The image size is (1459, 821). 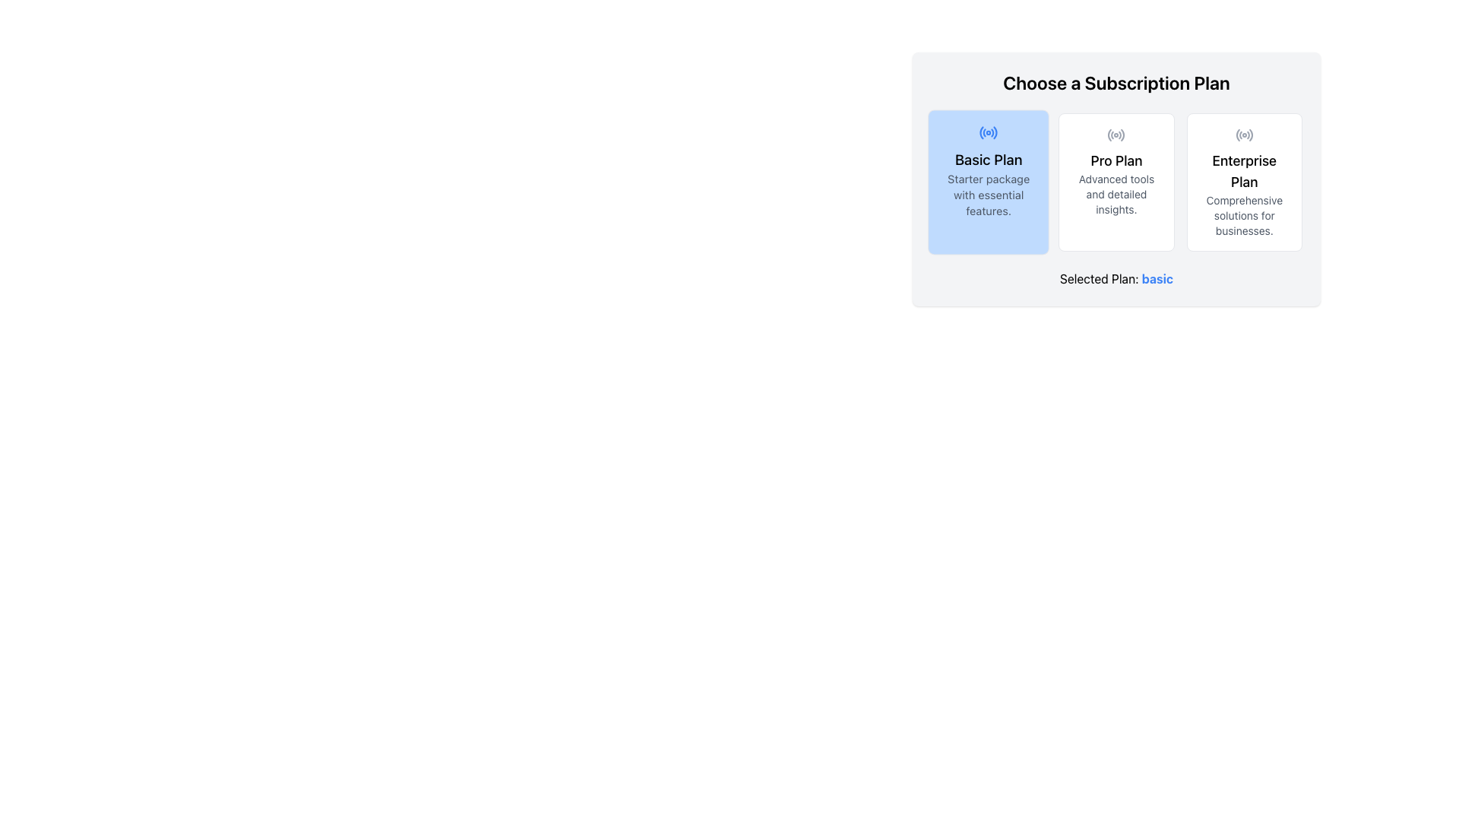 What do you see at coordinates (989, 160) in the screenshot?
I see `the 'Basic Plan' heading or label located at the top left corner of the blue rectangular section` at bounding box center [989, 160].